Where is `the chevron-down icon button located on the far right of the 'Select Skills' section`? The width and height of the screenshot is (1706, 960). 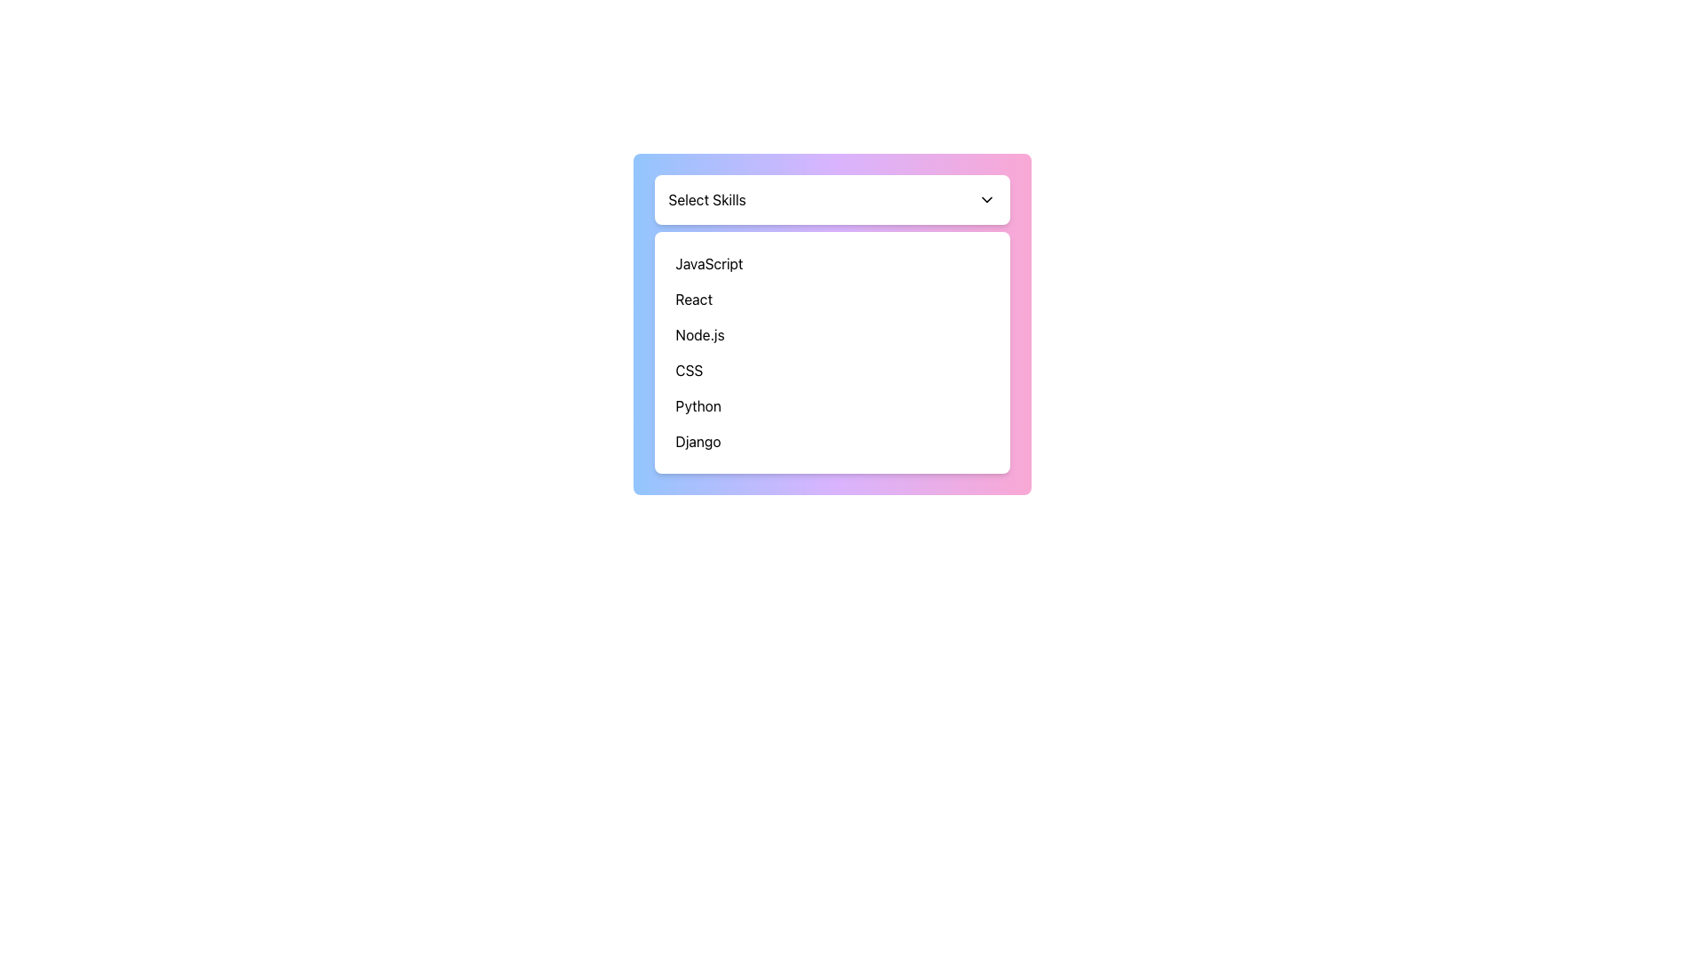 the chevron-down icon button located on the far right of the 'Select Skills' section is located at coordinates (985, 199).